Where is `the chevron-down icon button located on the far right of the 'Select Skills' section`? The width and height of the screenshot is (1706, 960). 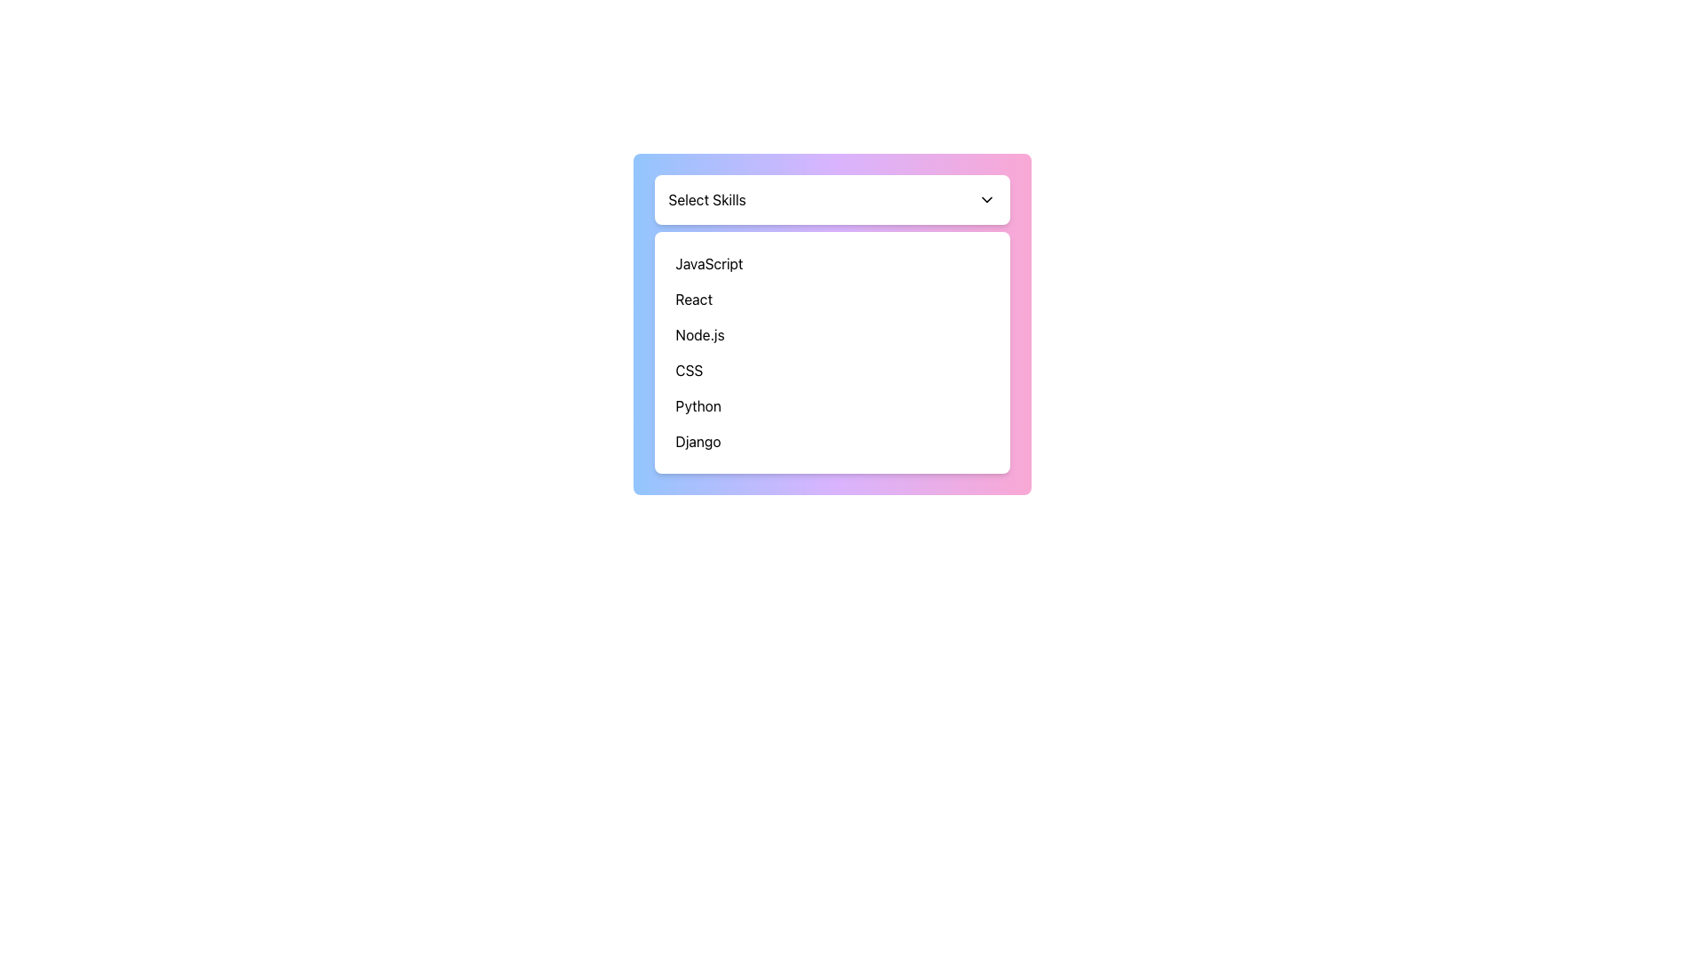 the chevron-down icon button located on the far right of the 'Select Skills' section is located at coordinates (985, 199).